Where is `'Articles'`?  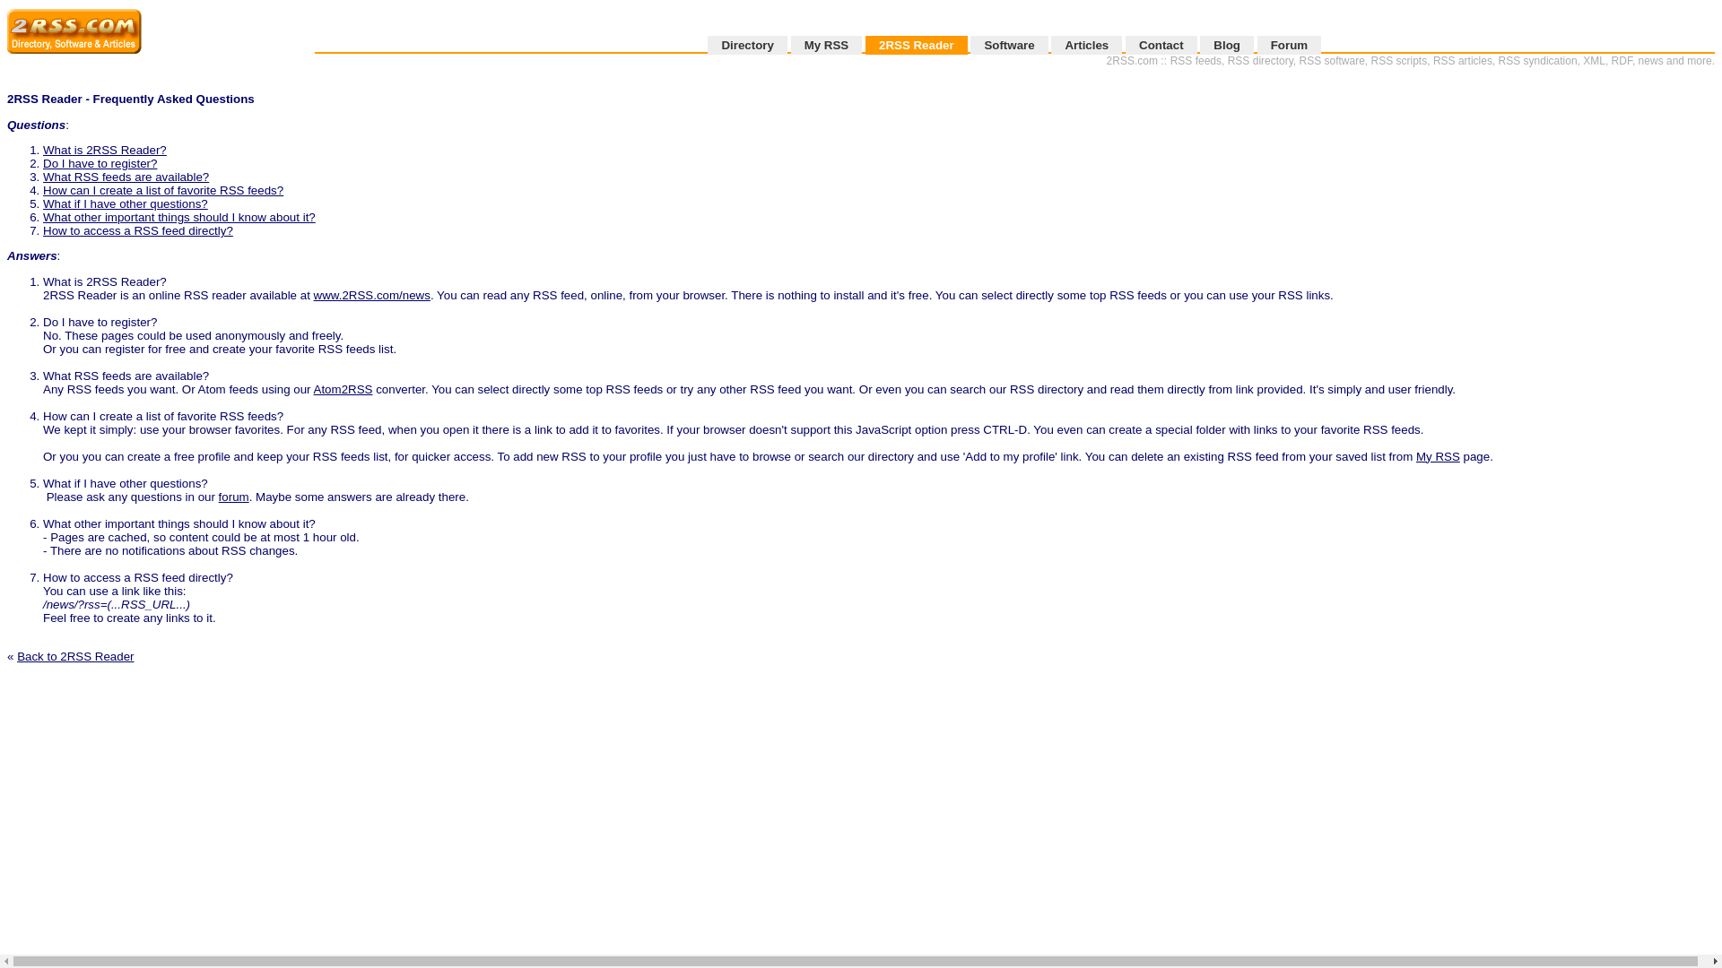
'Articles' is located at coordinates (1085, 44).